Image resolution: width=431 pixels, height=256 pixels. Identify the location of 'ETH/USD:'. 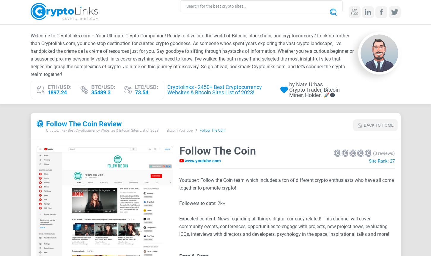
(59, 86).